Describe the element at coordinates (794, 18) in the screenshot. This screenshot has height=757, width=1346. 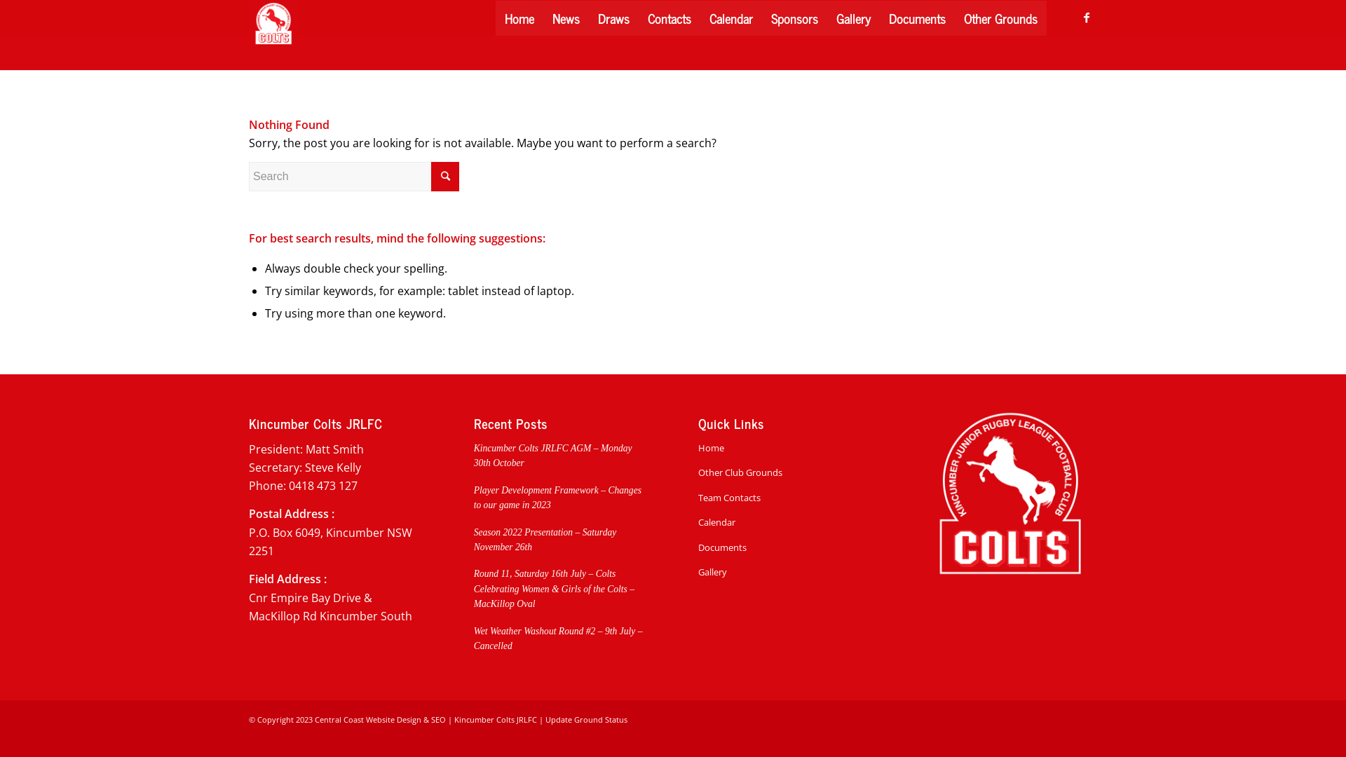
I see `'Sponsors'` at that location.